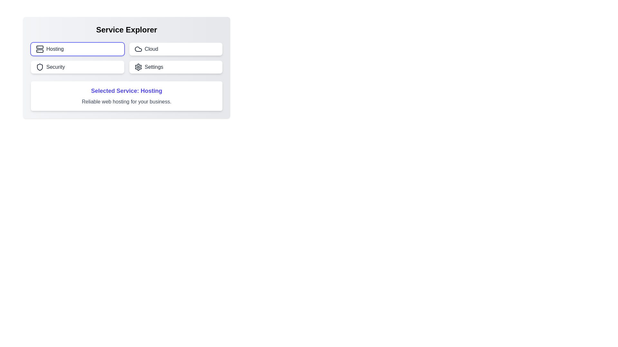 This screenshot has height=347, width=618. I want to click on the informational content box displaying 'Selected Service: Hosting' with a white background and rounded corners, located beneath the 'Service Explorer' section, so click(126, 96).